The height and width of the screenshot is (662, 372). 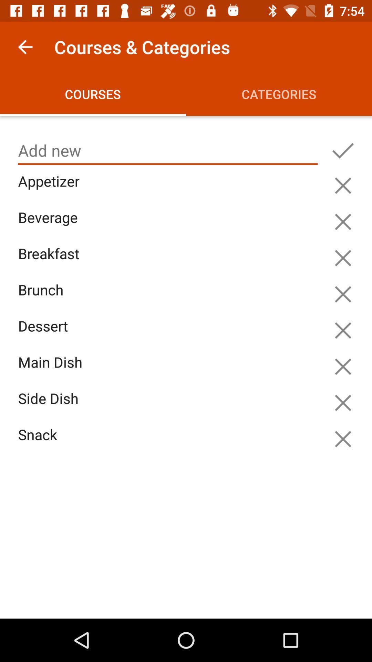 I want to click on remove course from list, so click(x=343, y=403).